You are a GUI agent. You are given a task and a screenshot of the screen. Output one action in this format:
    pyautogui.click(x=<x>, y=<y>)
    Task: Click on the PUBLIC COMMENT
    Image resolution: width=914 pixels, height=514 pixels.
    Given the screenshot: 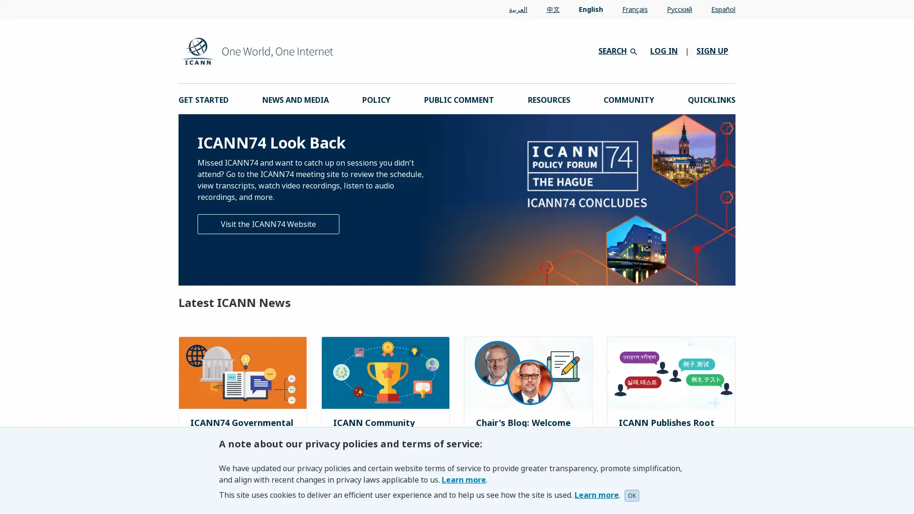 What is the action you would take?
    pyautogui.click(x=458, y=99)
    